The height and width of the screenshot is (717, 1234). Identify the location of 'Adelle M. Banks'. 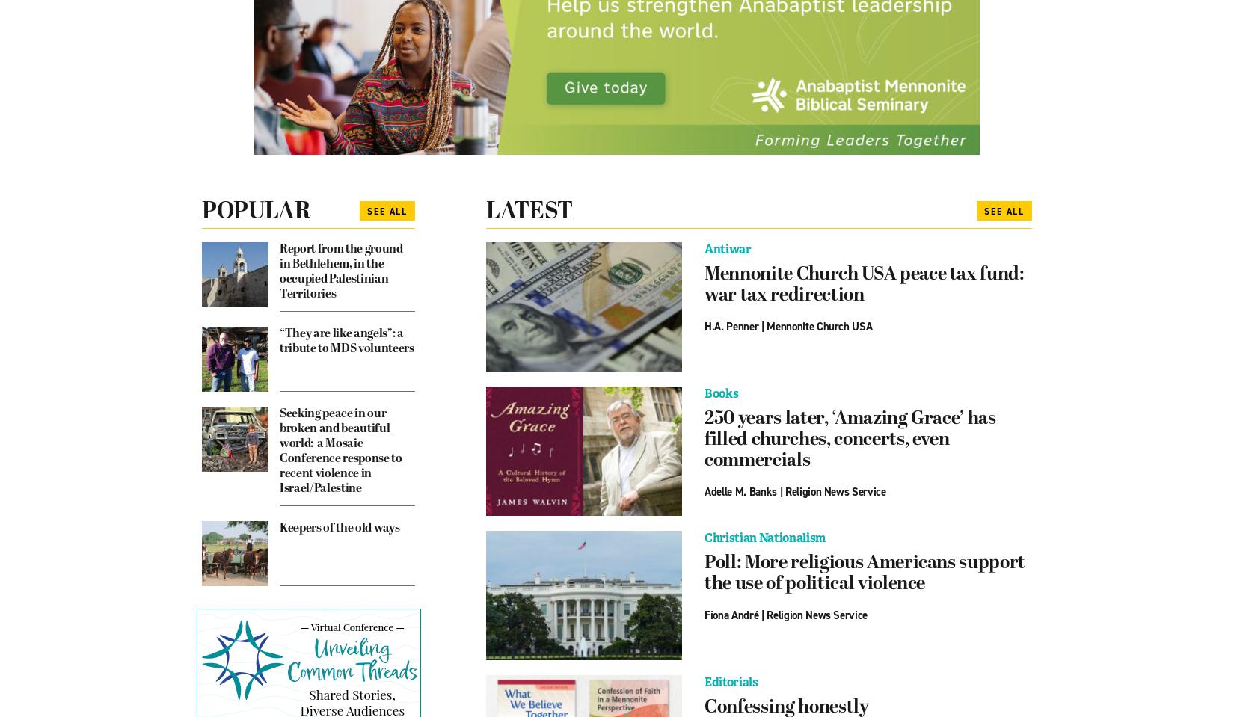
(740, 491).